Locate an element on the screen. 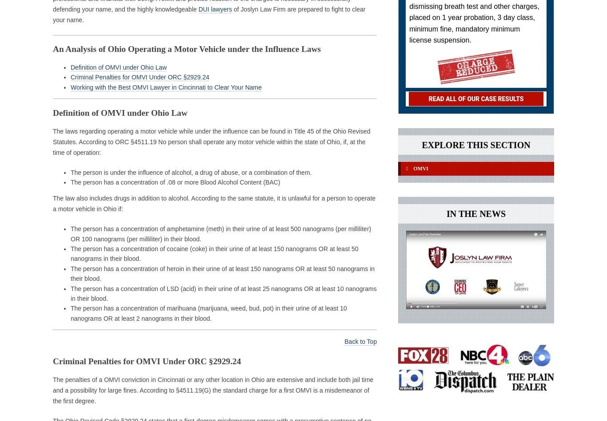  'The person has a concentration of heroin in their urine of at least 150 nanograms OR at least 50 nanograms in their blood.' is located at coordinates (223, 273).